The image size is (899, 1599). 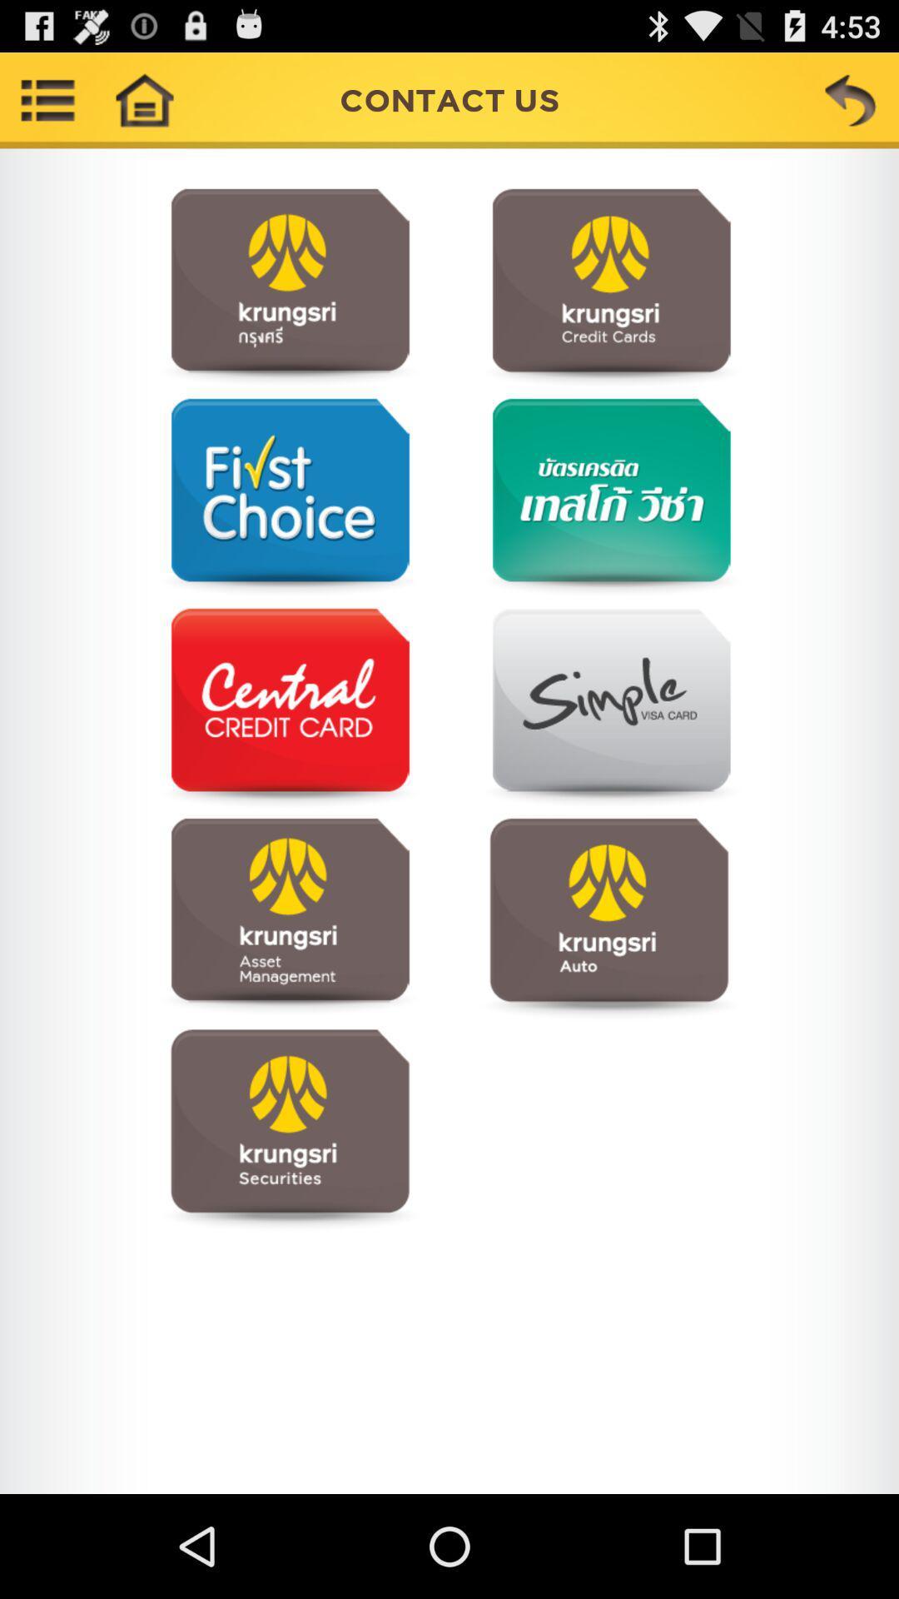 I want to click on access krungsri auto page, so click(x=608, y=917).